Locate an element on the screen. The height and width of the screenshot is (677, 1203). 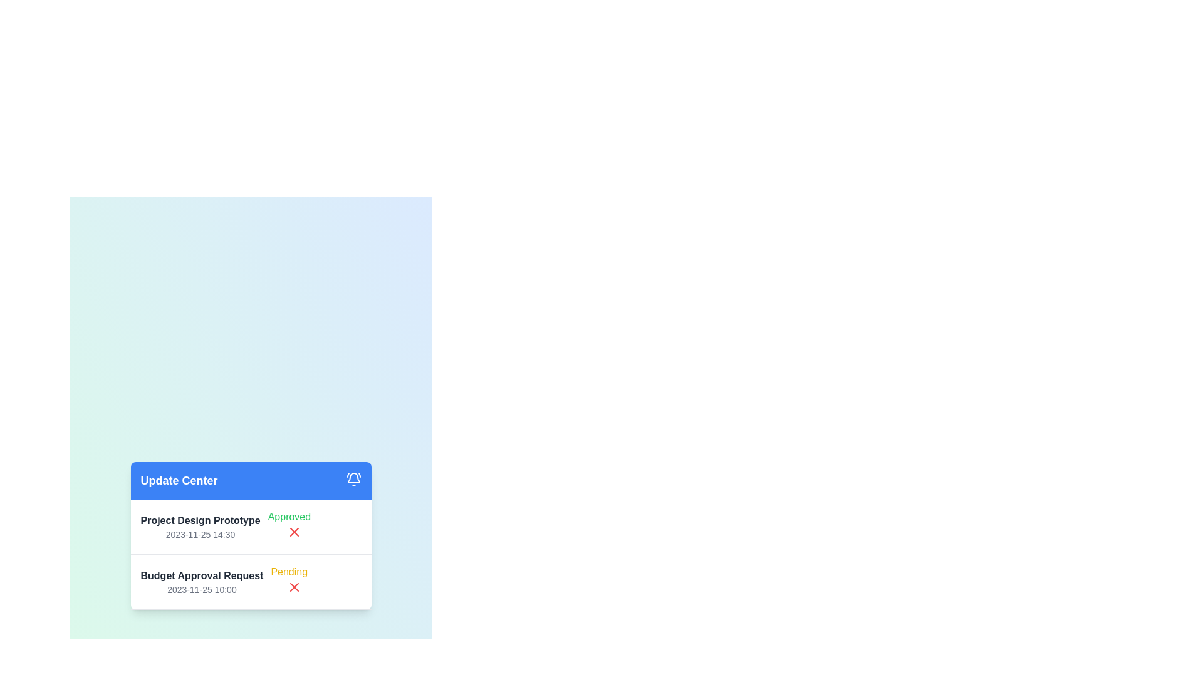
text displayed in the second entry of the task or notification list, which shows a title and timestamp, located below 'Project Design Prototype' and above 'Pending' and the red 'X' icon is located at coordinates (202, 582).